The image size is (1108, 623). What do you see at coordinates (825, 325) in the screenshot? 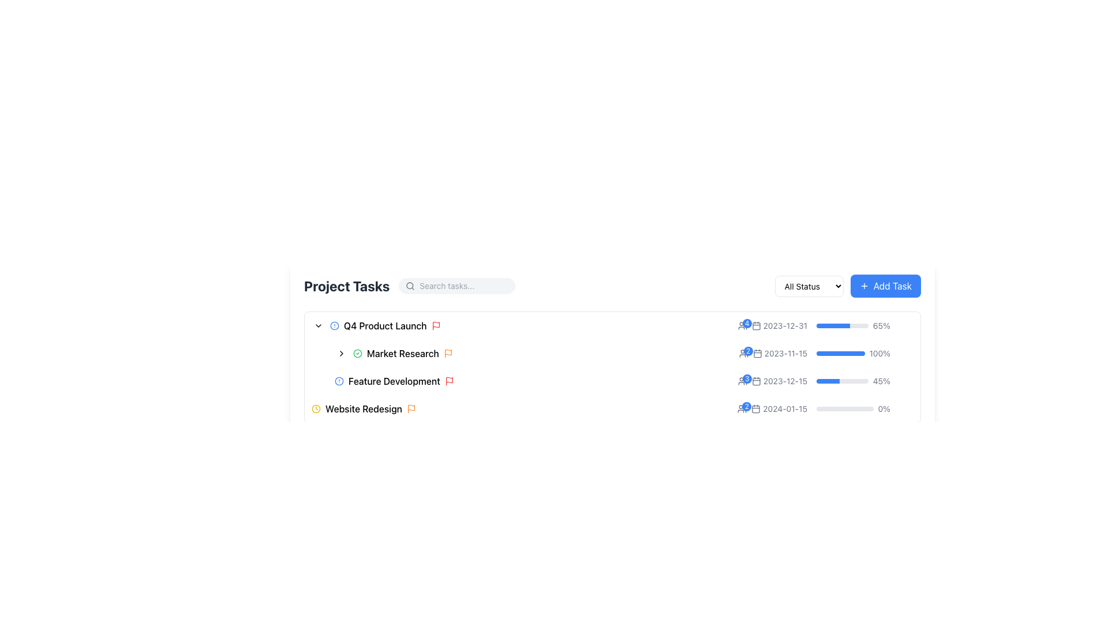
I see `progress and metadata from the progress bar indicating 65% completion for the task labeled 'Q4 Product Launch' with the date '2023-12-31' and the blue badge marked '4'` at bounding box center [825, 325].